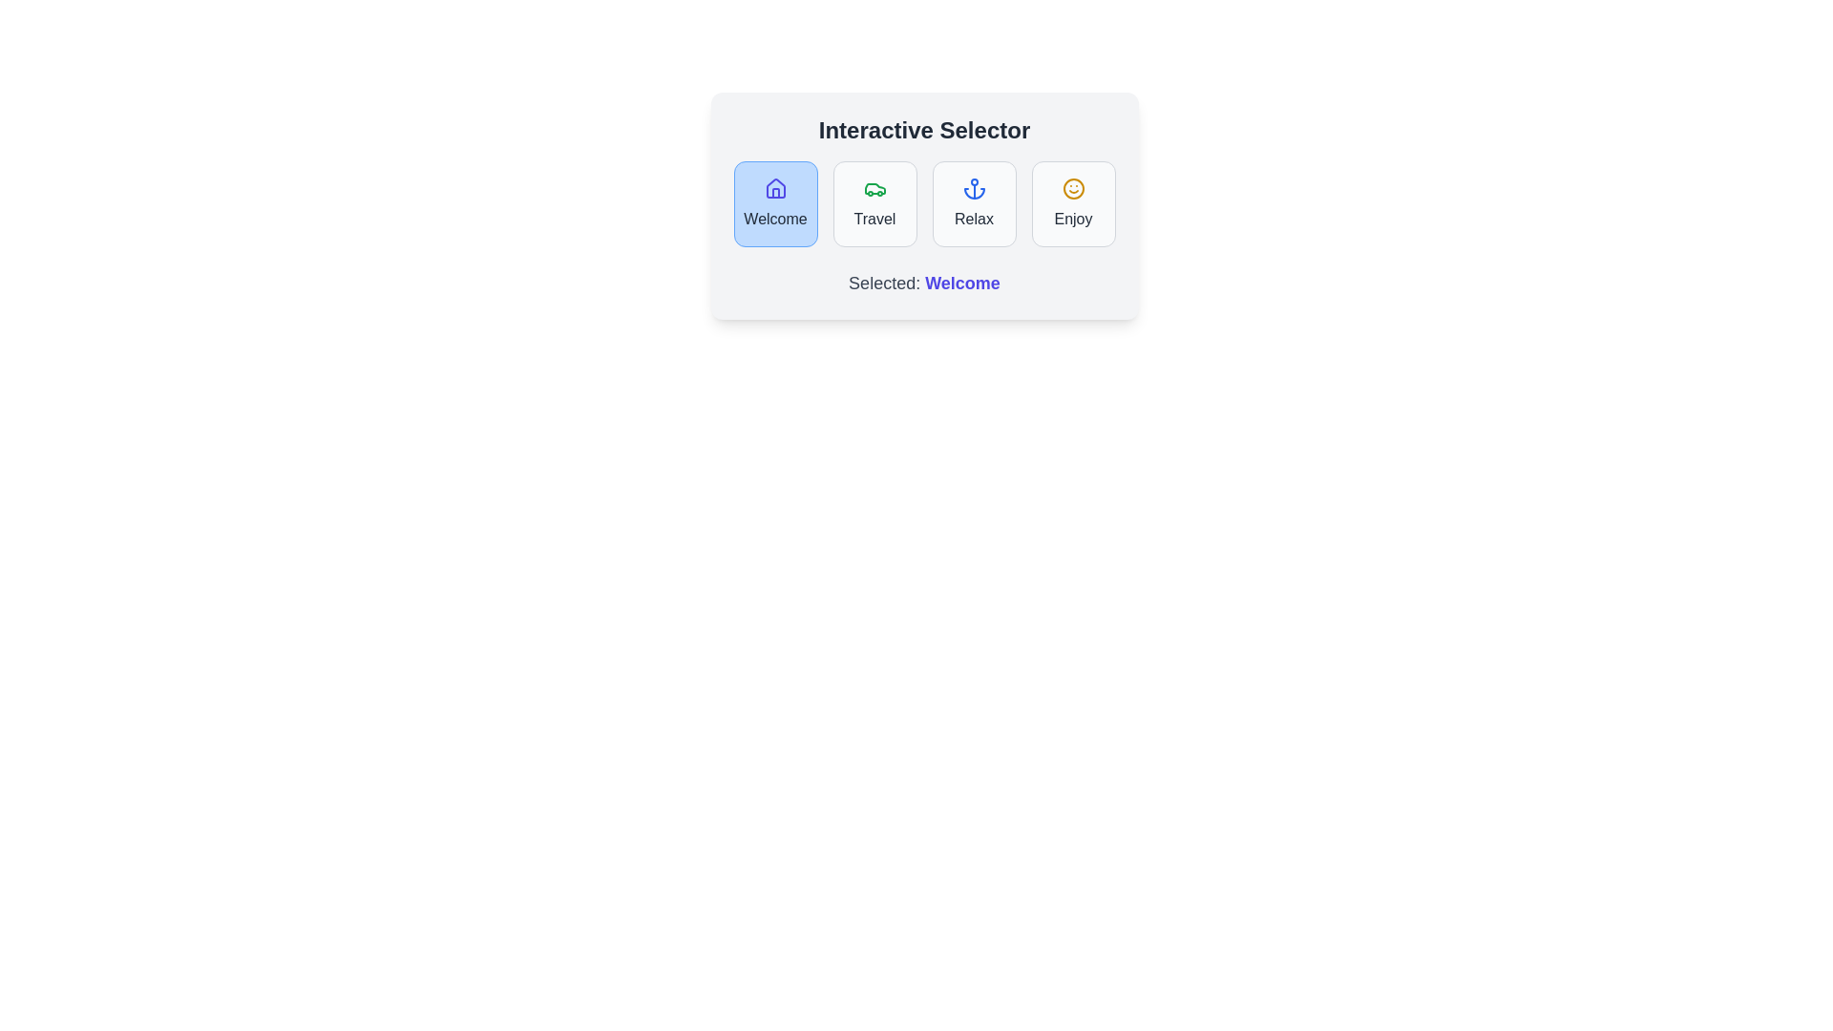  I want to click on the 'Travel' icon, so click(874, 188).